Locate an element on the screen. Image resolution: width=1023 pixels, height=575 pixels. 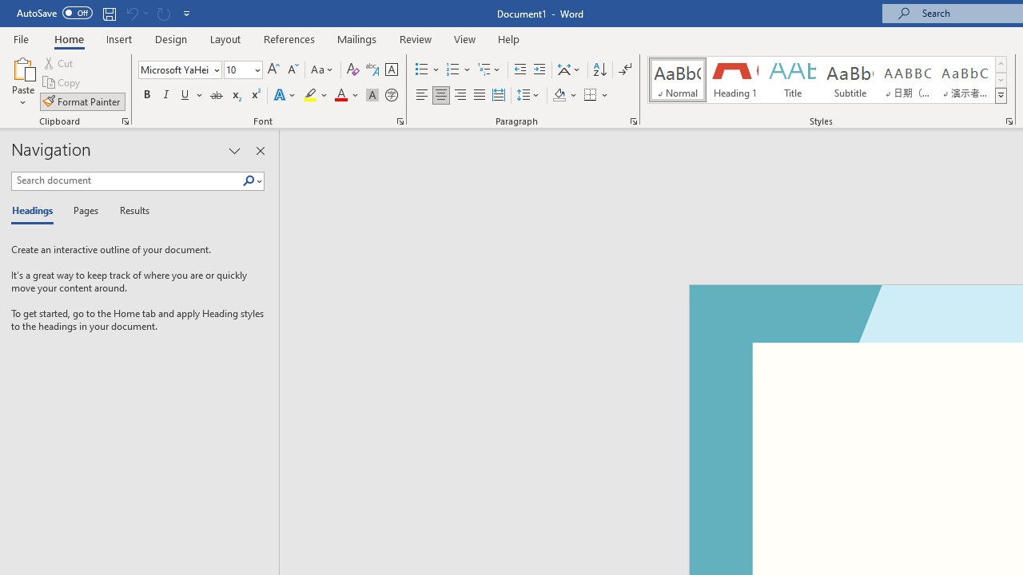
'AutomationID: QuickStylesGallery' is located at coordinates (828, 80).